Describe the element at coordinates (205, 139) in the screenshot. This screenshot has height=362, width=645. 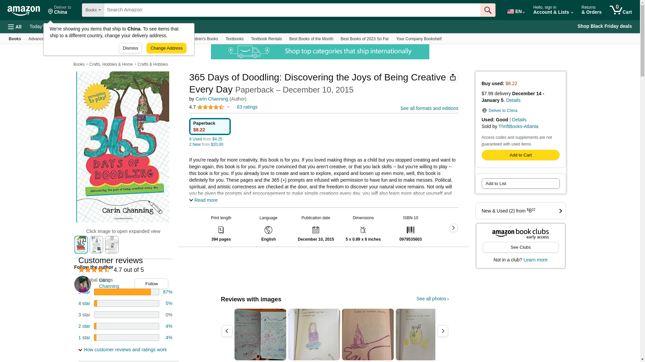
I see `'9 Used from $4.25'` at that location.